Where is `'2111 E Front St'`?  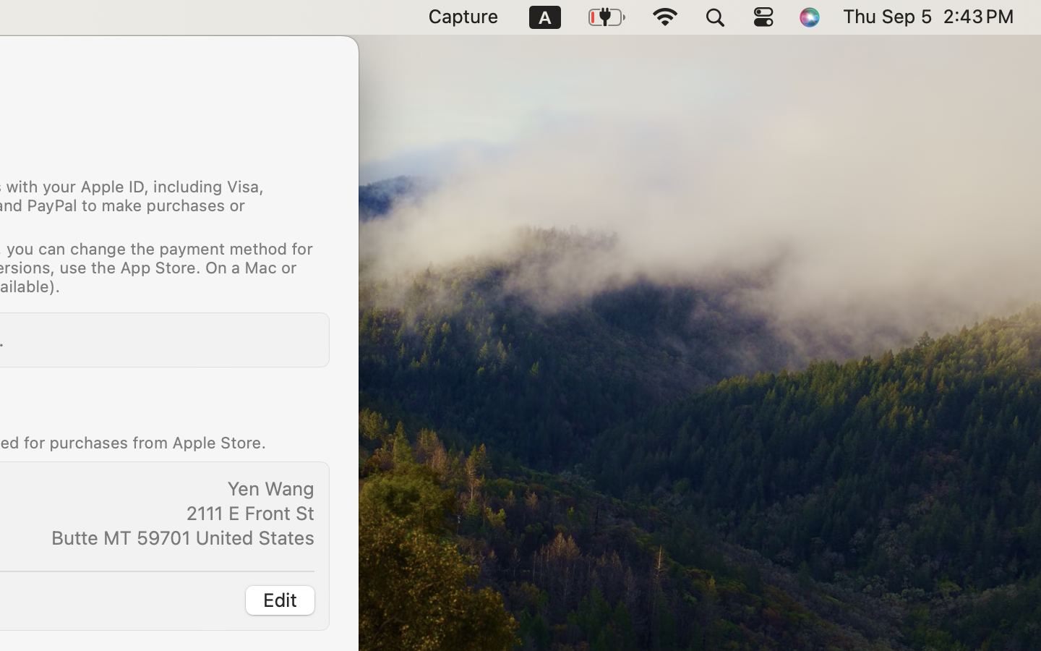 '2111 E Front St' is located at coordinates (250, 512).